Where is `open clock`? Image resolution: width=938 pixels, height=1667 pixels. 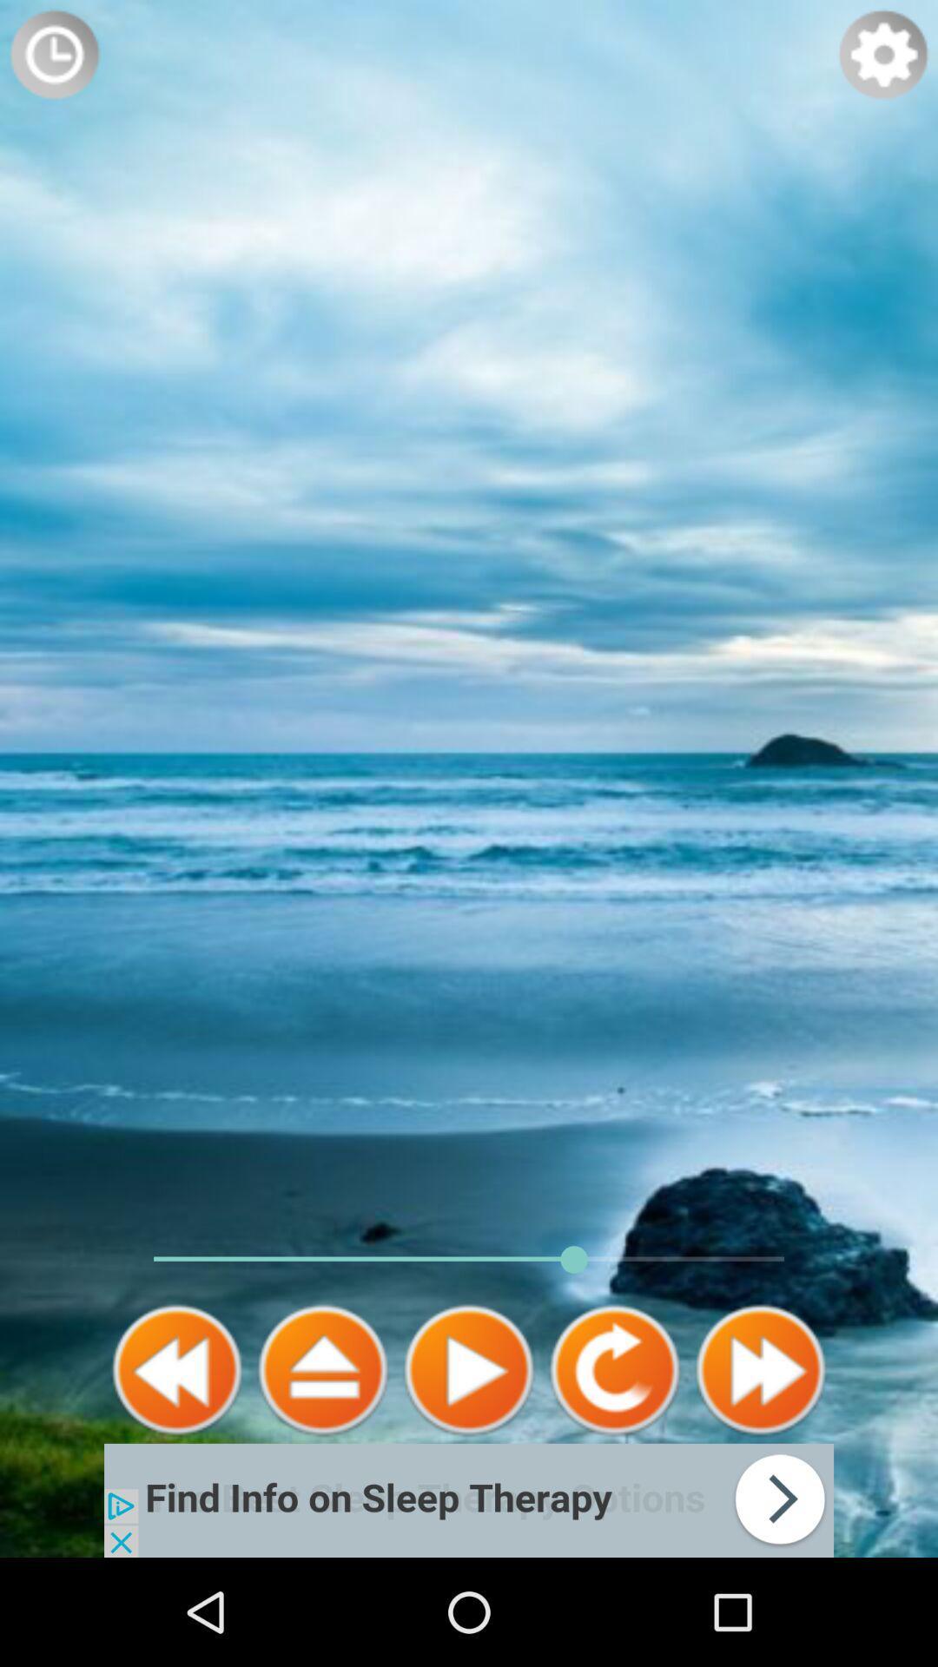
open clock is located at coordinates (53, 54).